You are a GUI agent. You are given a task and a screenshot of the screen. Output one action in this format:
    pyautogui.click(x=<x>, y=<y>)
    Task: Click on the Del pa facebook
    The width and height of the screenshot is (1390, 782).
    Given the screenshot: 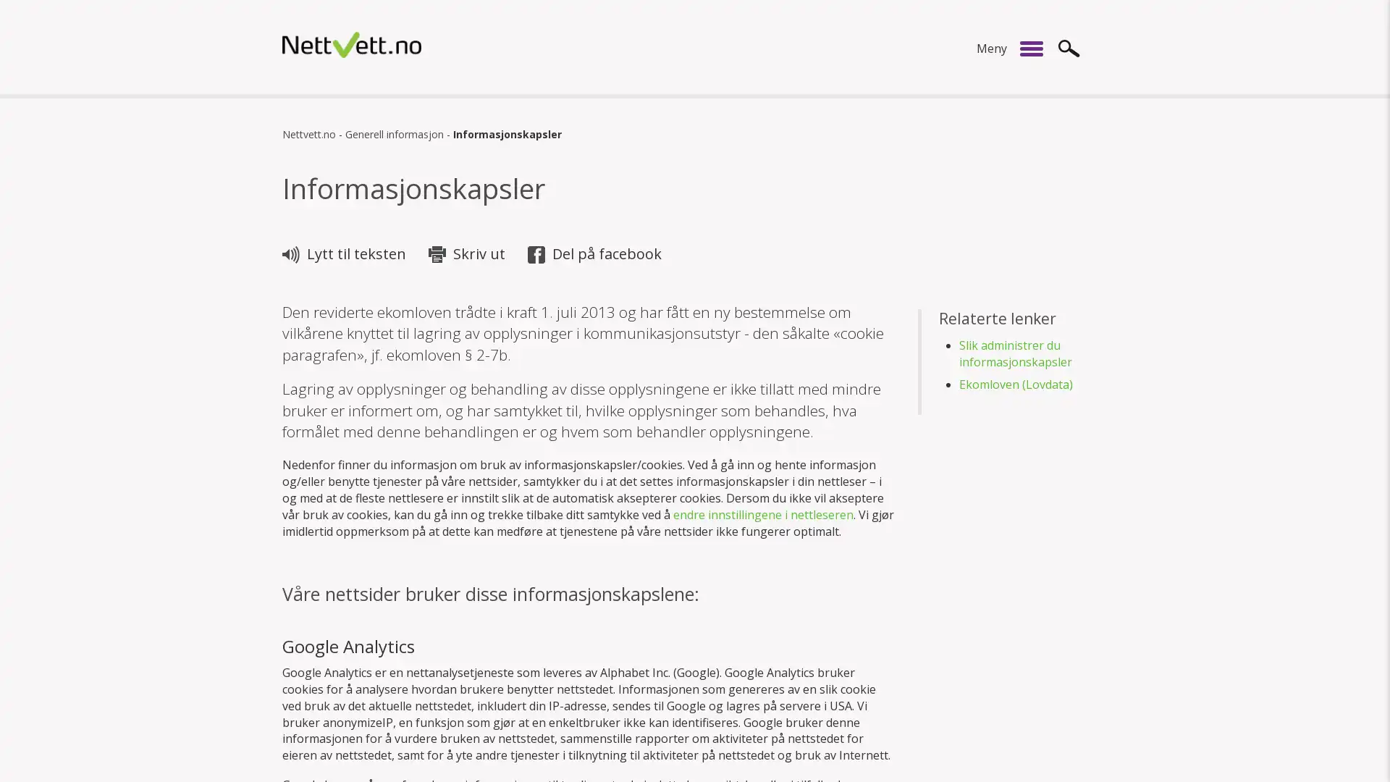 What is the action you would take?
    pyautogui.click(x=597, y=253)
    